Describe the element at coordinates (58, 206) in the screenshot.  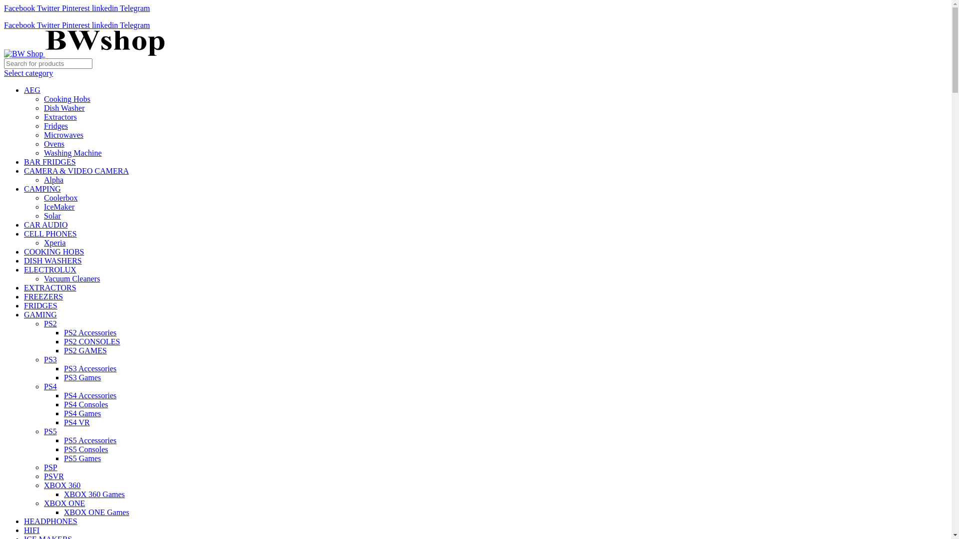
I see `'IceMaker'` at that location.